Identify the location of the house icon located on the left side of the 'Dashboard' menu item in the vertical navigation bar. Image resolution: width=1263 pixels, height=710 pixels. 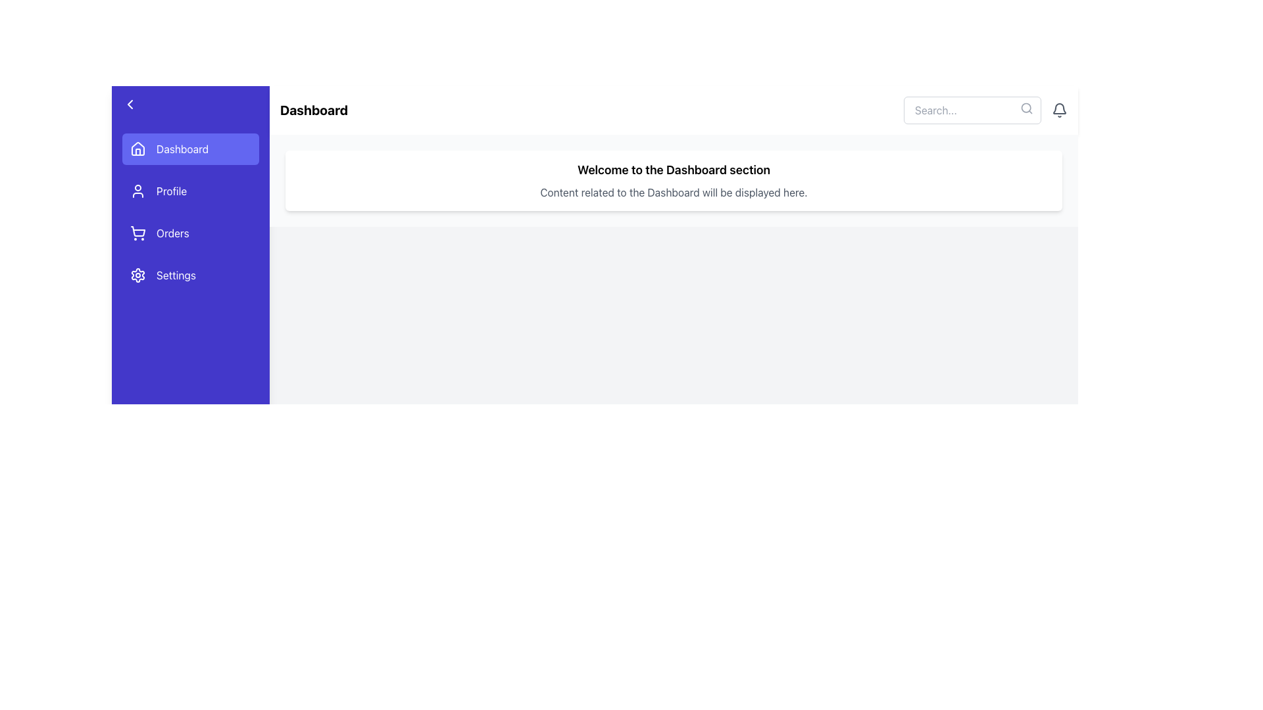
(138, 149).